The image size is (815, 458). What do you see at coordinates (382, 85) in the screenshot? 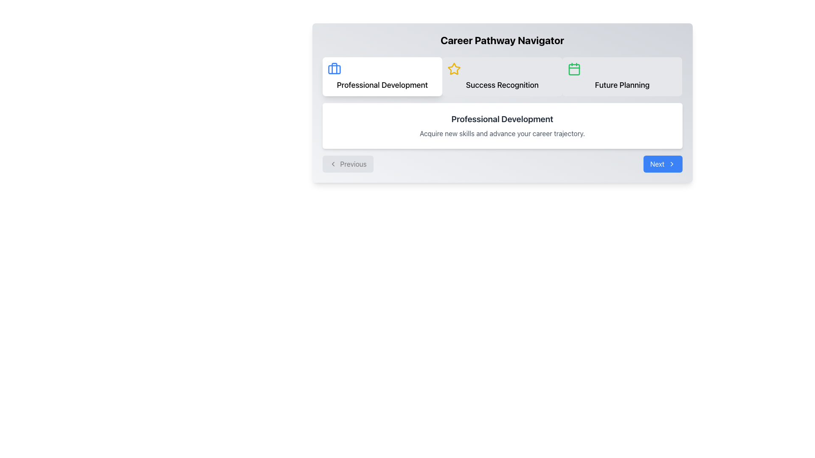
I see `text label representing the 'Professional Development' option located in the upper-left section of the interface, below the blue briefcase icon` at bounding box center [382, 85].